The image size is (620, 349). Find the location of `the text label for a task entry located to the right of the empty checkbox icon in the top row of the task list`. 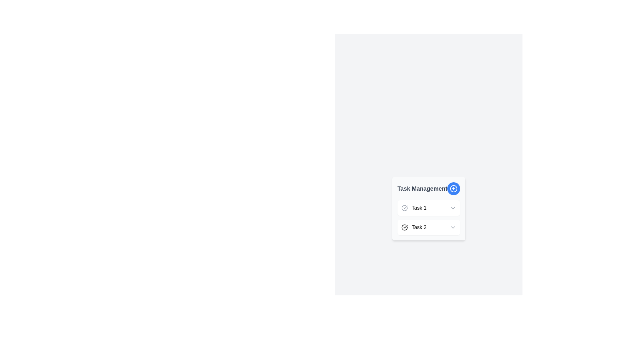

the text label for a task entry located to the right of the empty checkbox icon in the top row of the task list is located at coordinates (419, 208).